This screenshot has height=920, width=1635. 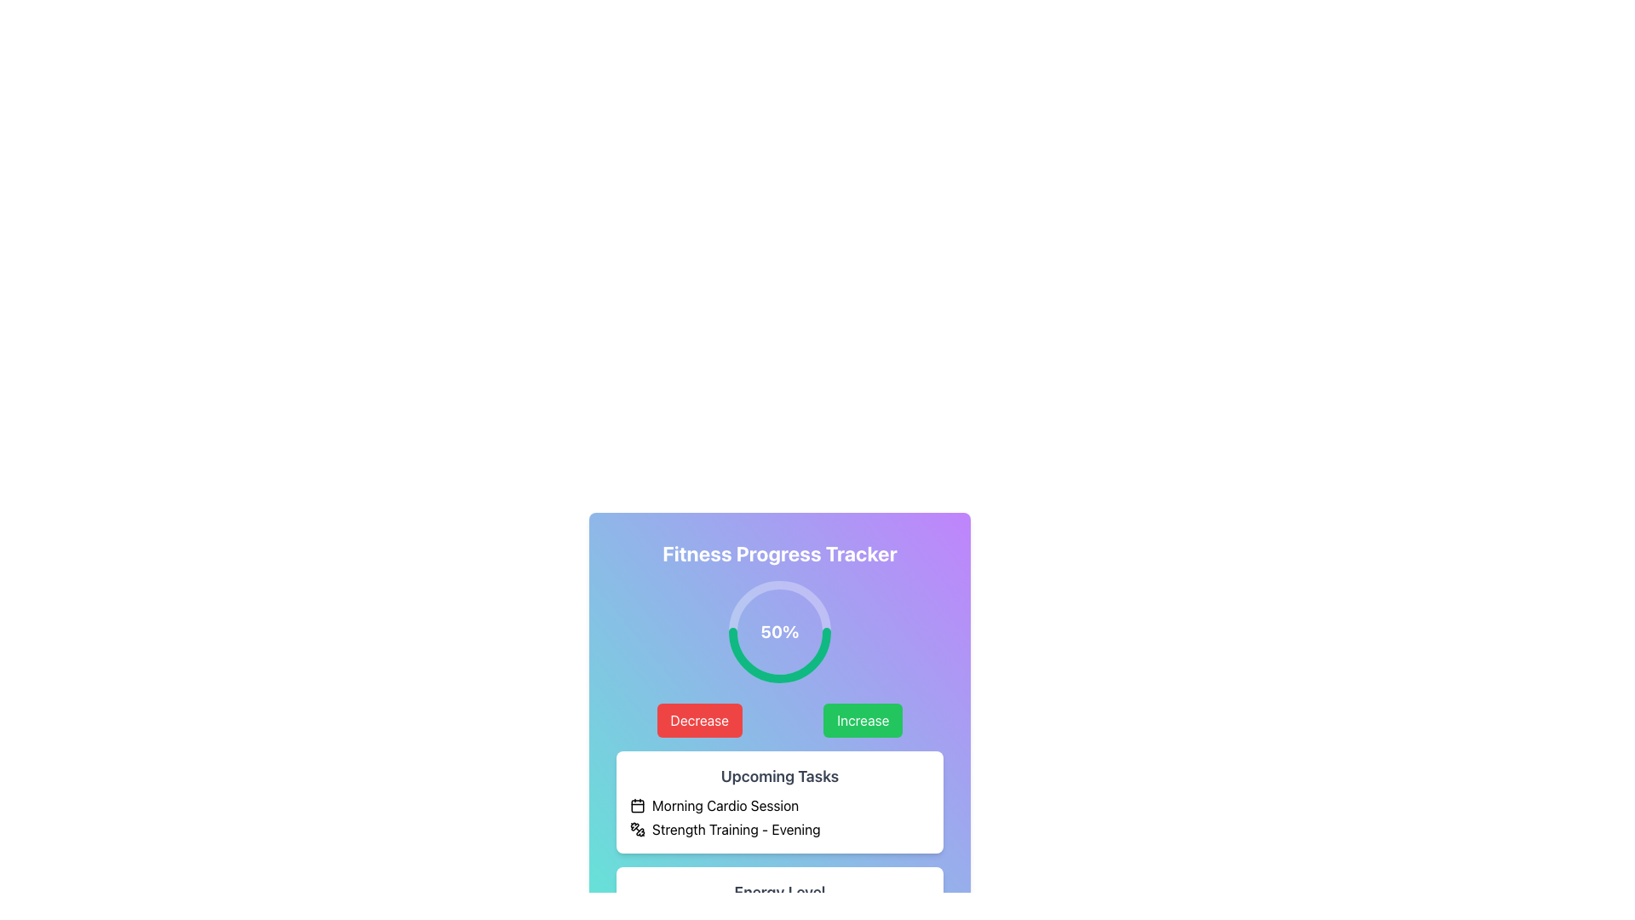 I want to click on the circular progress indicator showing 50% progress with bold white text inside, located in the Fitness Progress Tracker card component, so click(x=779, y=631).